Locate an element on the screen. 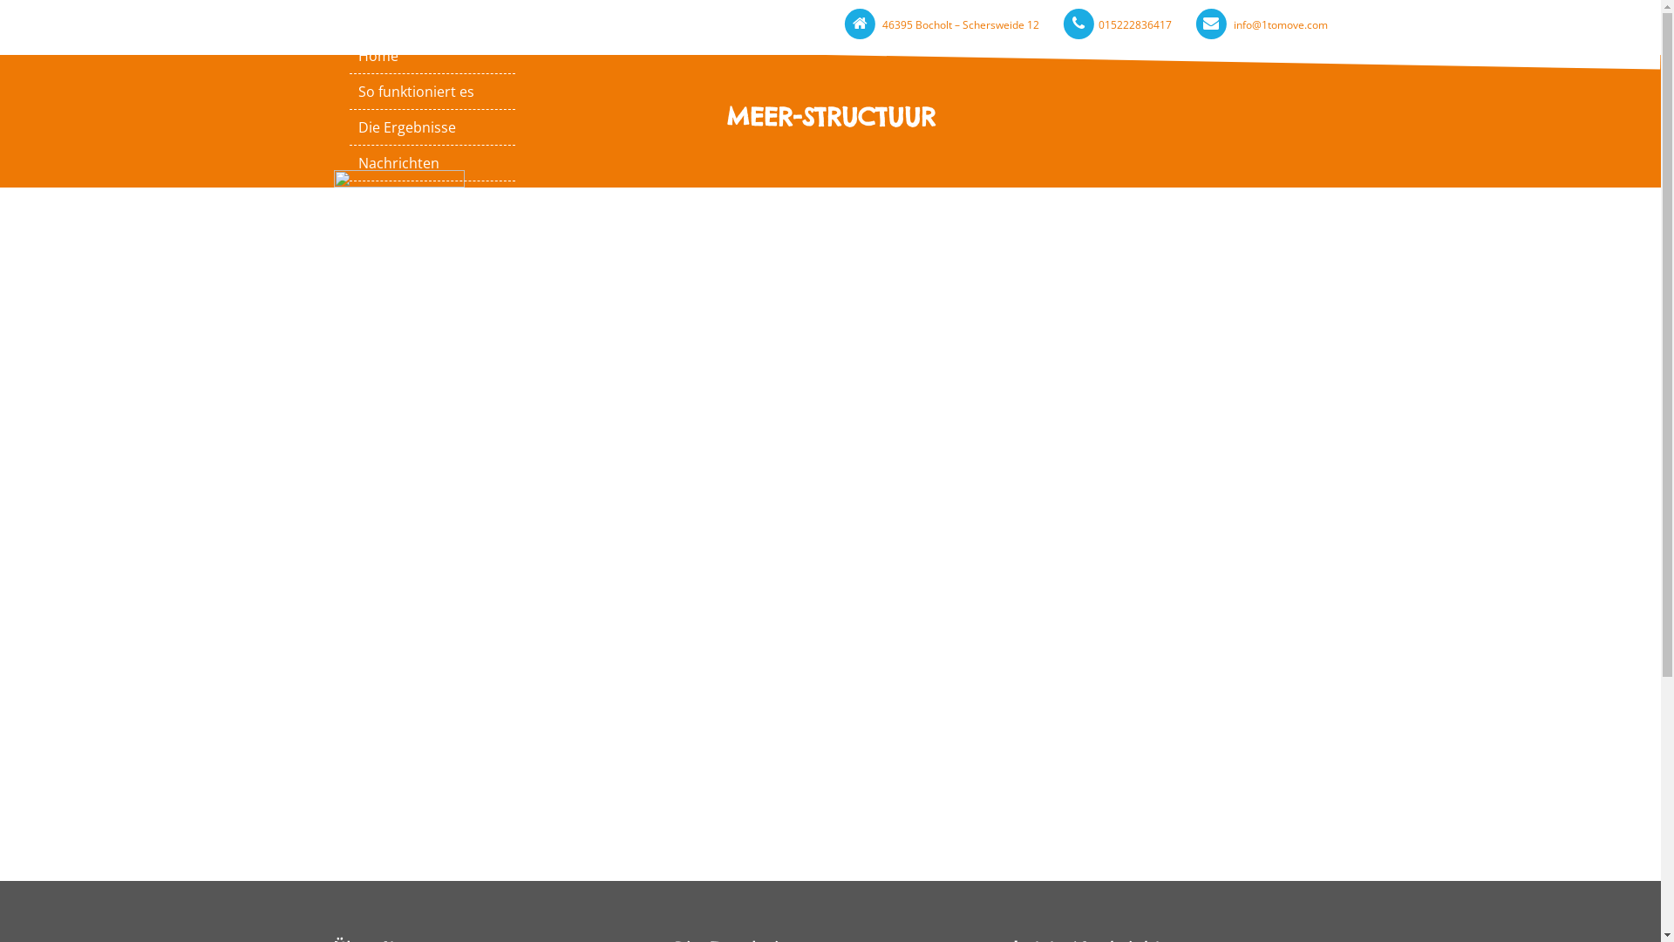 The width and height of the screenshot is (1674, 942). 'info@1tomove.com' is located at coordinates (1280, 24).